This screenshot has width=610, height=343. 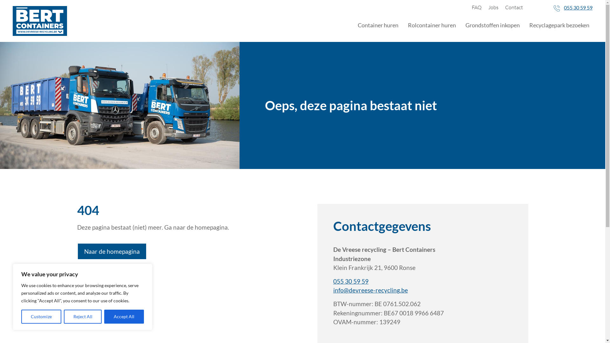 What do you see at coordinates (493, 7) in the screenshot?
I see `'Jobs'` at bounding box center [493, 7].